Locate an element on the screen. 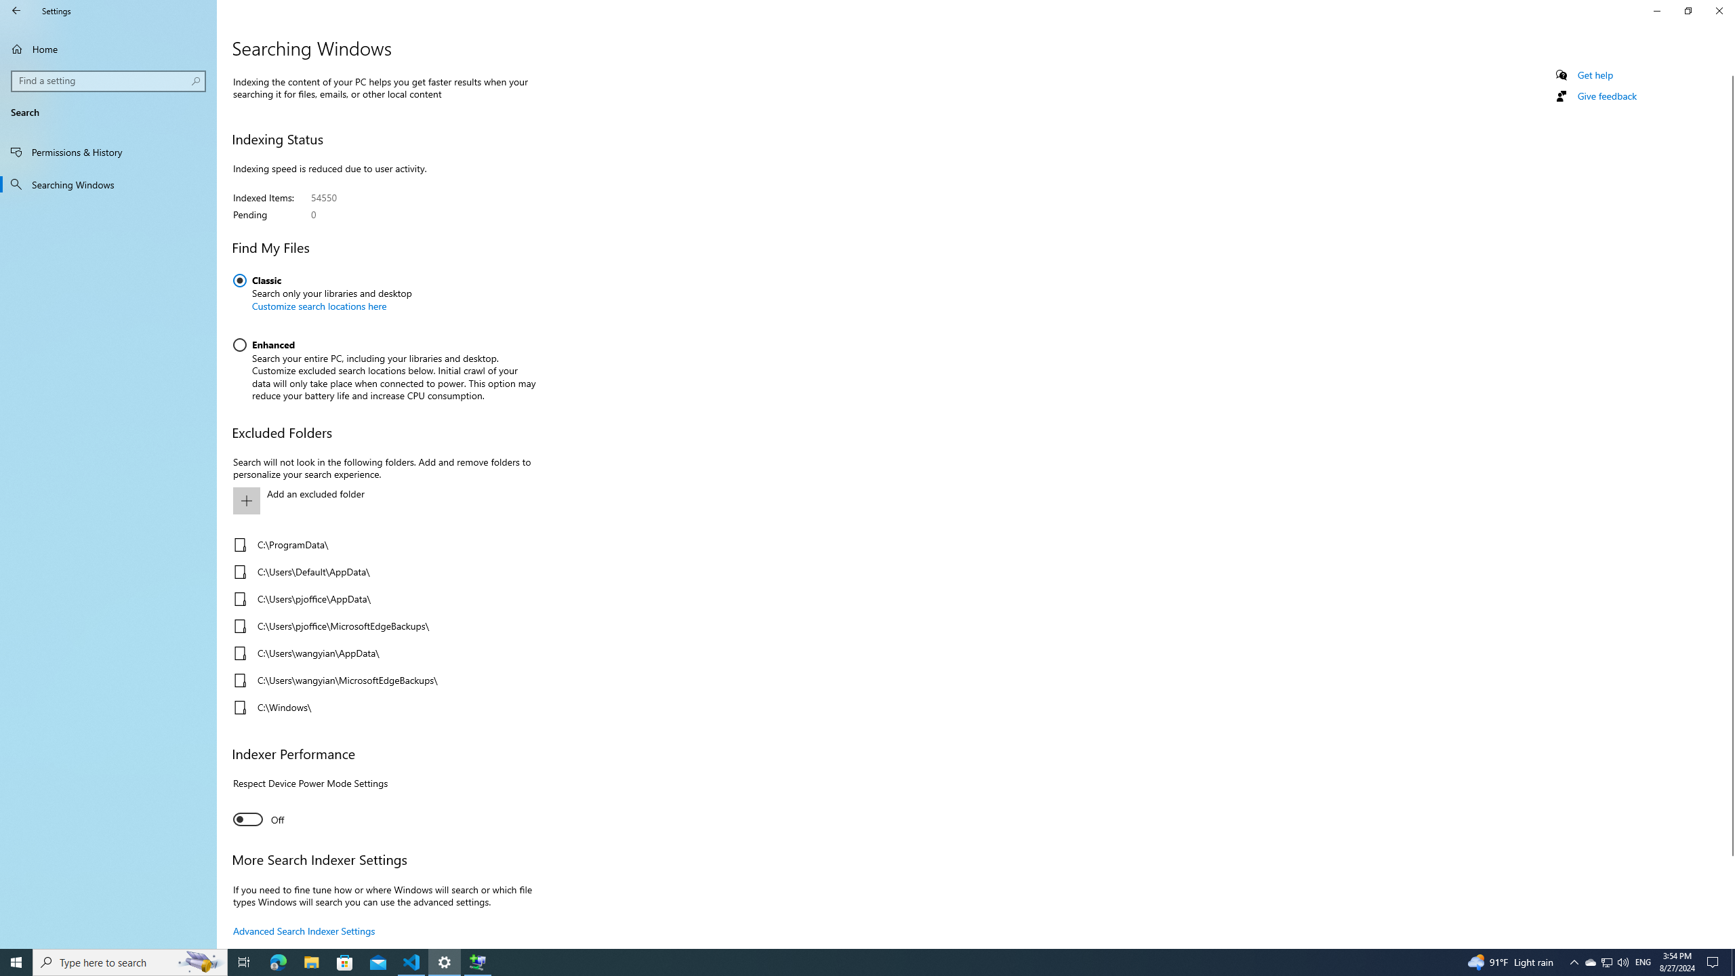  'C:\Users\pjoffice\AppData\' is located at coordinates (380, 599).